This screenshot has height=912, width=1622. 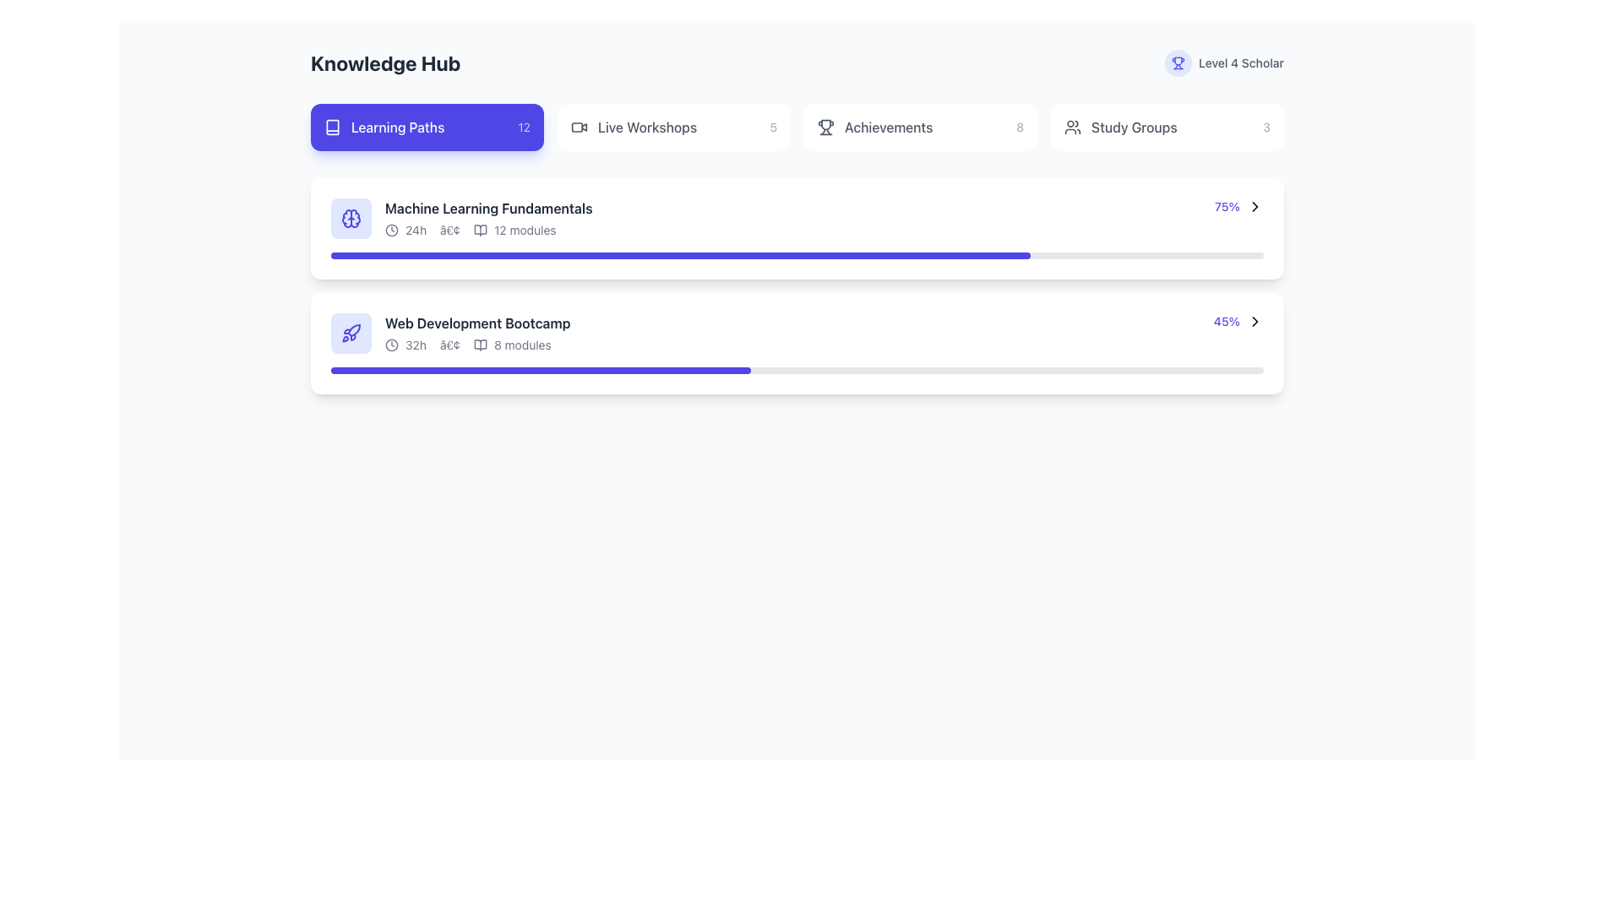 I want to click on the 'Learning Paths' static text label, which is styled in medium font weight on a blue background, located within the first navigation tab in the knowledge hub interface, so click(x=397, y=126).